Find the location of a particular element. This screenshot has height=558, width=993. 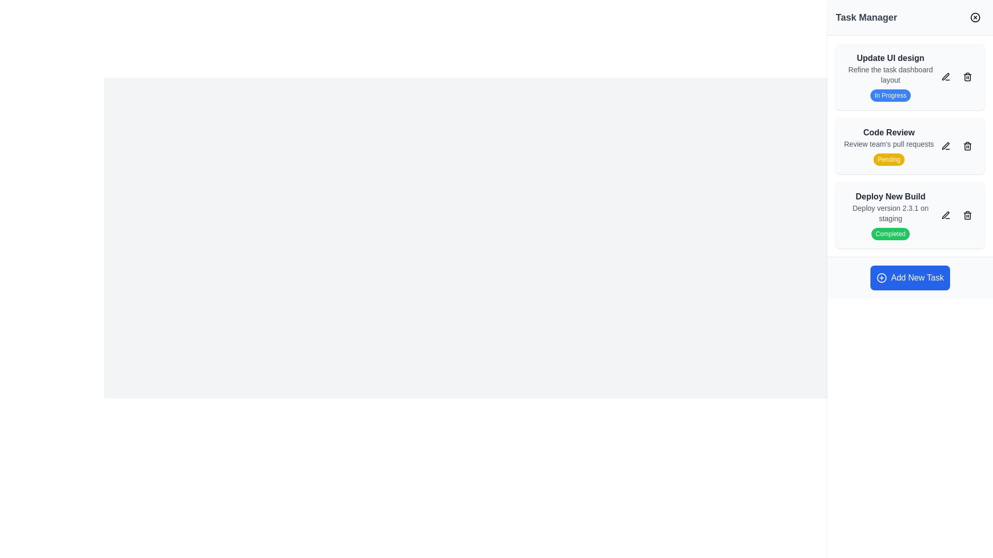

the decorative circular close button element in the top-right corner of the Task Manager interface is located at coordinates (975, 18).